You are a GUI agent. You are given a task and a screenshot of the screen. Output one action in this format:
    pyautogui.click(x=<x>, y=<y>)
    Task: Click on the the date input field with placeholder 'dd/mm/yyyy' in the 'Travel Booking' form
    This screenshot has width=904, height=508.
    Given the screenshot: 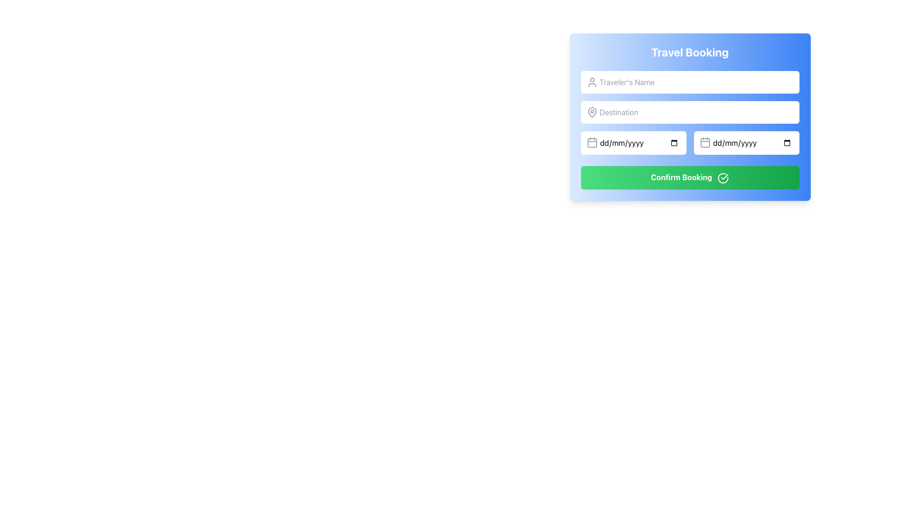 What is the action you would take?
    pyautogui.click(x=633, y=143)
    